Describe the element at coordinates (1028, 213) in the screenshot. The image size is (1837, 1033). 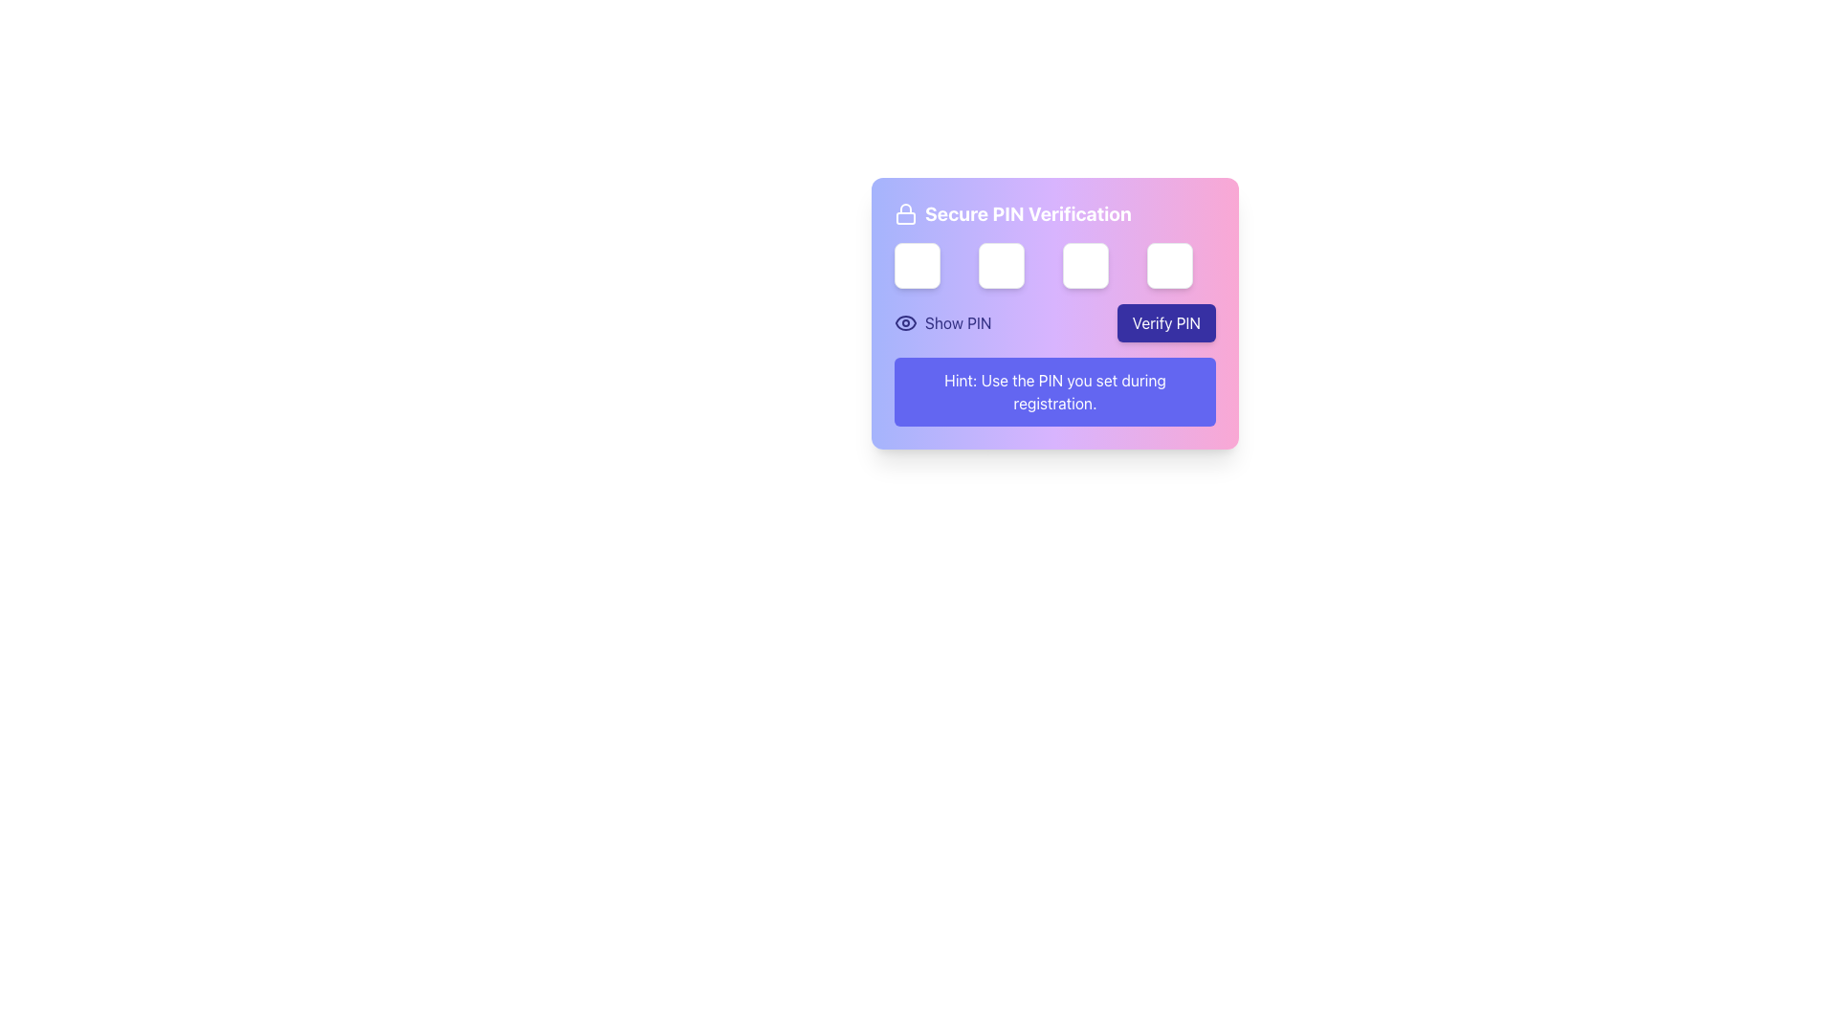
I see `the text label displaying 'Secure PIN Verification' in bold, extra-large white font against a gradient background` at that location.